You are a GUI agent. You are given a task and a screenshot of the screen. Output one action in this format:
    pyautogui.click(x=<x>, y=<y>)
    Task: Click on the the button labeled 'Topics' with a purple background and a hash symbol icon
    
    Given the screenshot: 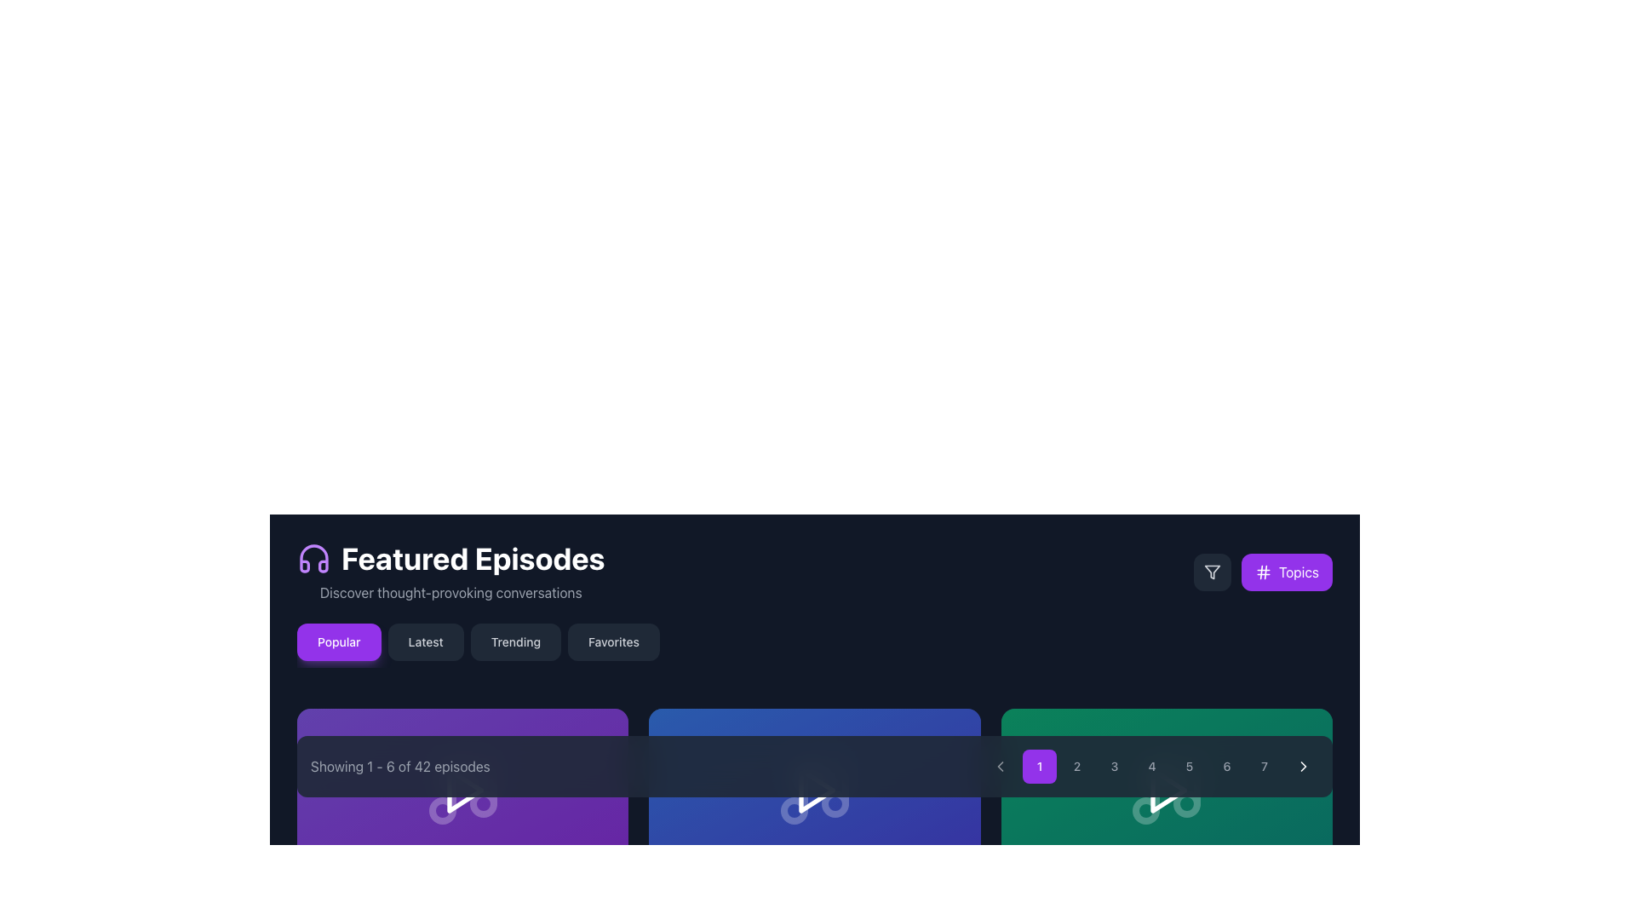 What is the action you would take?
    pyautogui.click(x=1287, y=572)
    